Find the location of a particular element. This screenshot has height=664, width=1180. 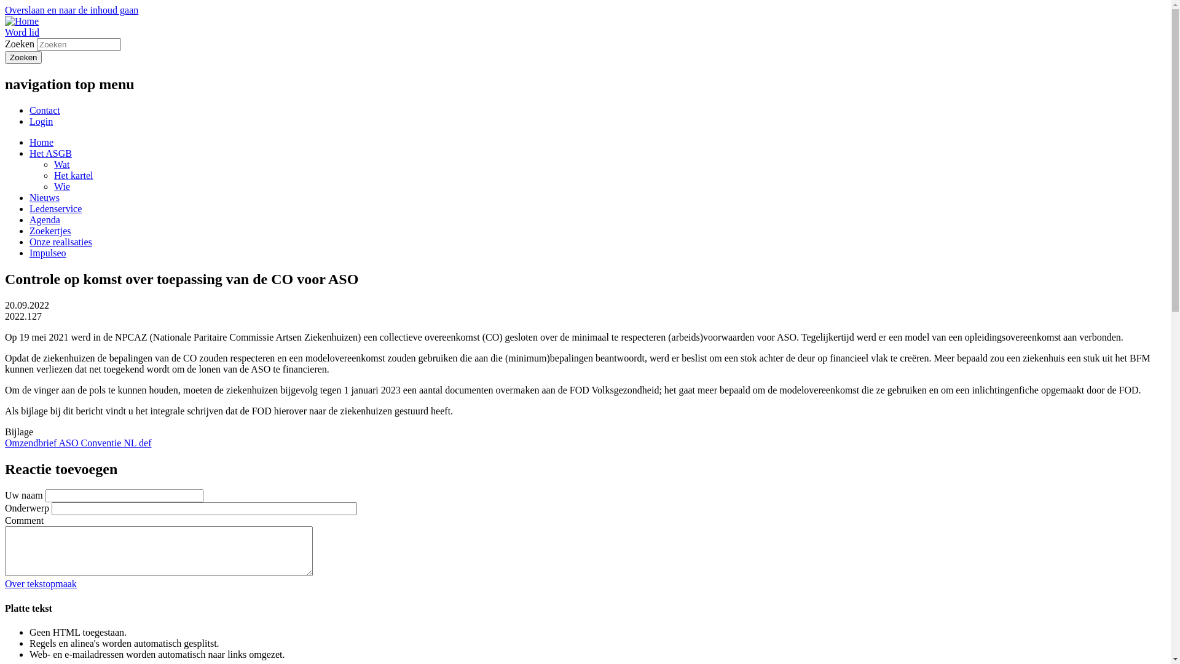

'Over tekstopmaak' is located at coordinates (41, 583).